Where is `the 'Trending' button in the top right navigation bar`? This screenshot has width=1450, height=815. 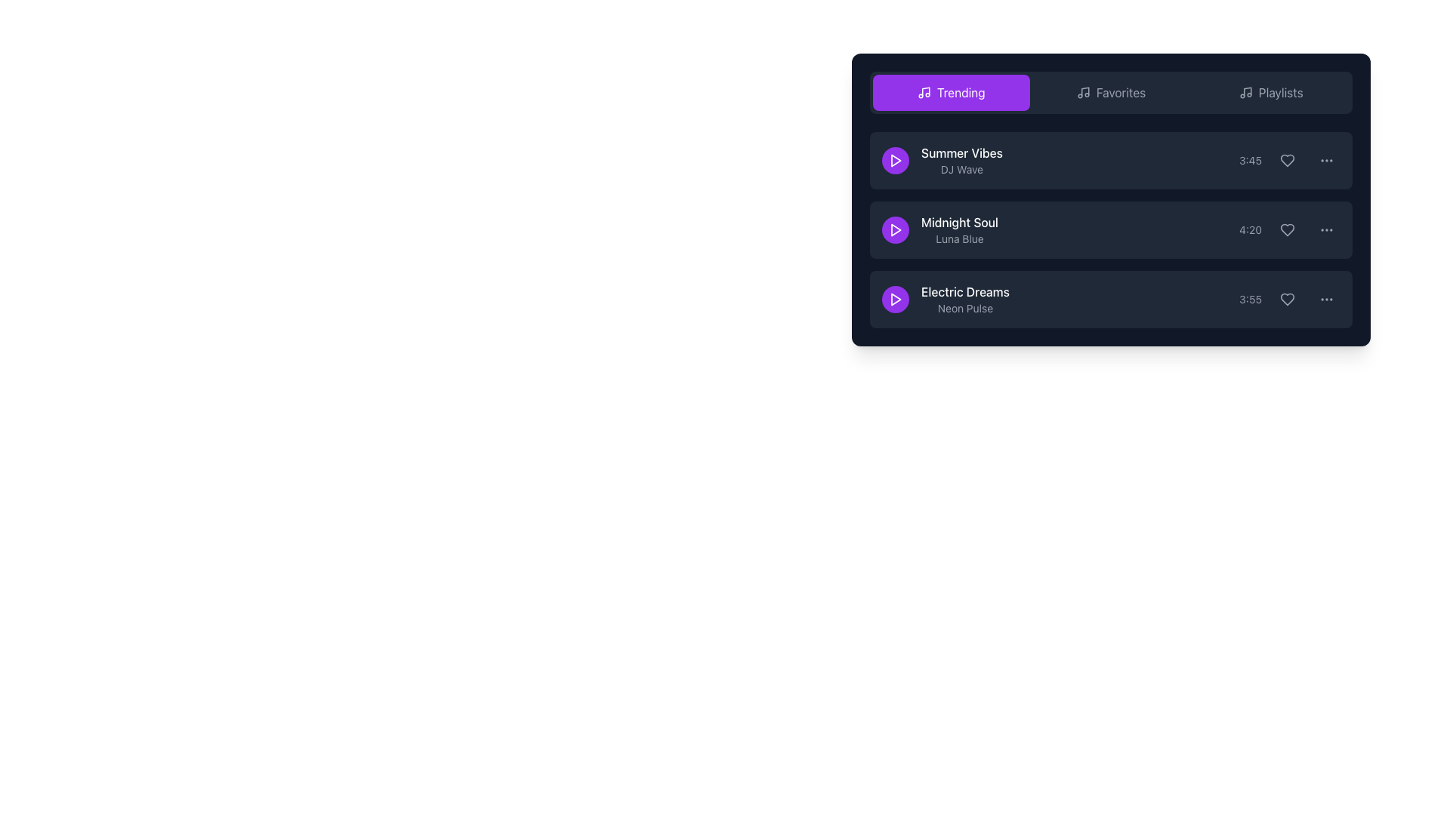
the 'Trending' button in the top right navigation bar is located at coordinates (949, 93).